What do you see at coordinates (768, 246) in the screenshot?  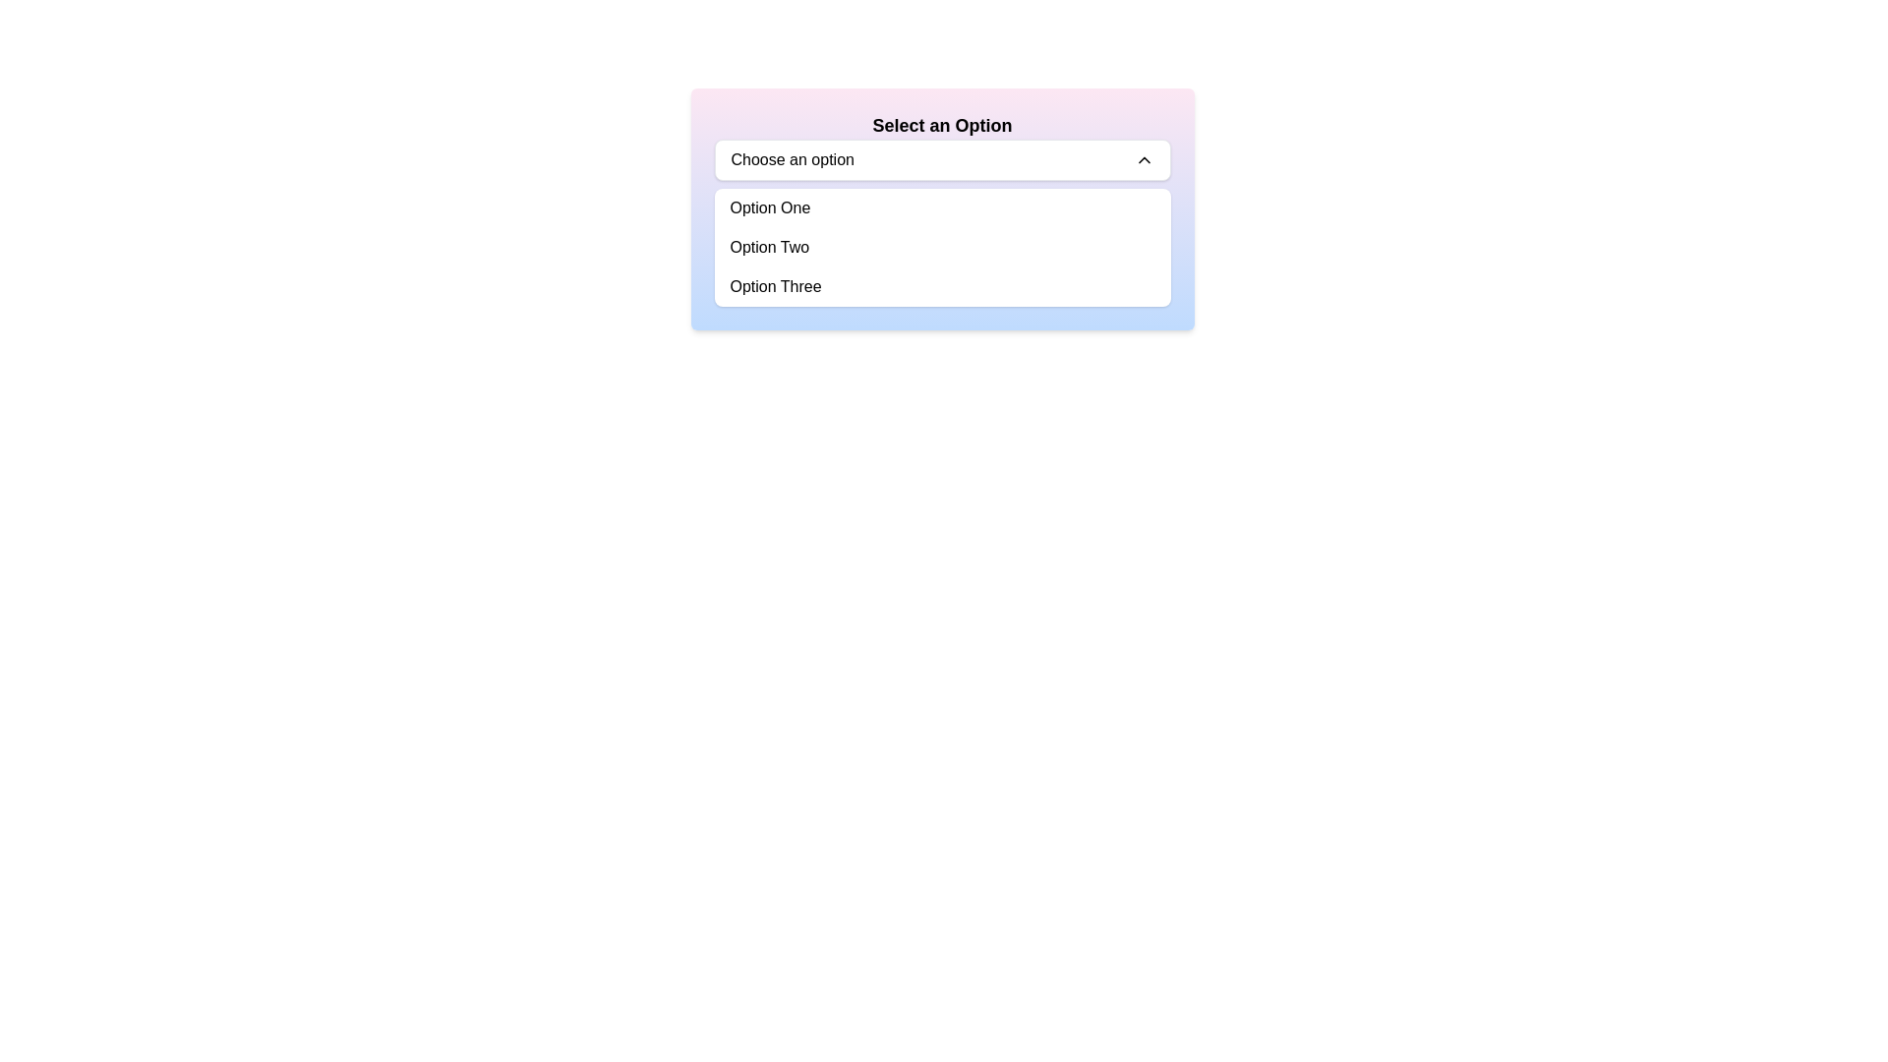 I see `the text component labeled 'Option Two' within the dropdown menu` at bounding box center [768, 246].